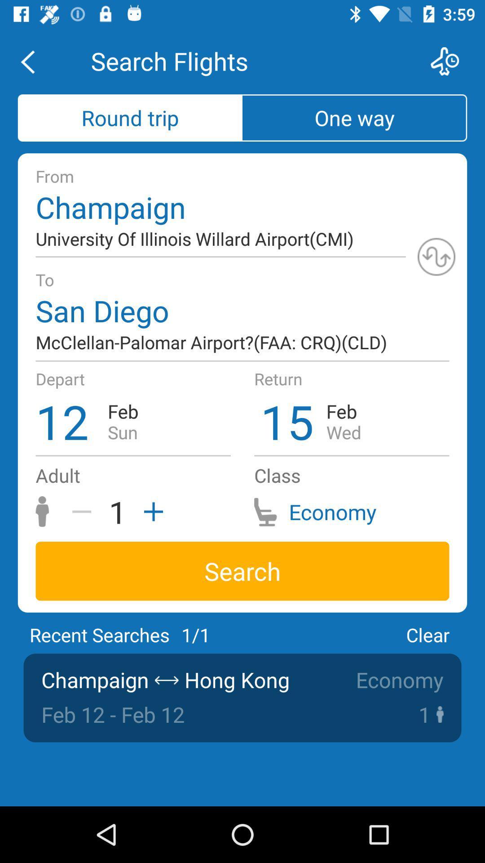  I want to click on decrease number of adults, so click(85, 512).